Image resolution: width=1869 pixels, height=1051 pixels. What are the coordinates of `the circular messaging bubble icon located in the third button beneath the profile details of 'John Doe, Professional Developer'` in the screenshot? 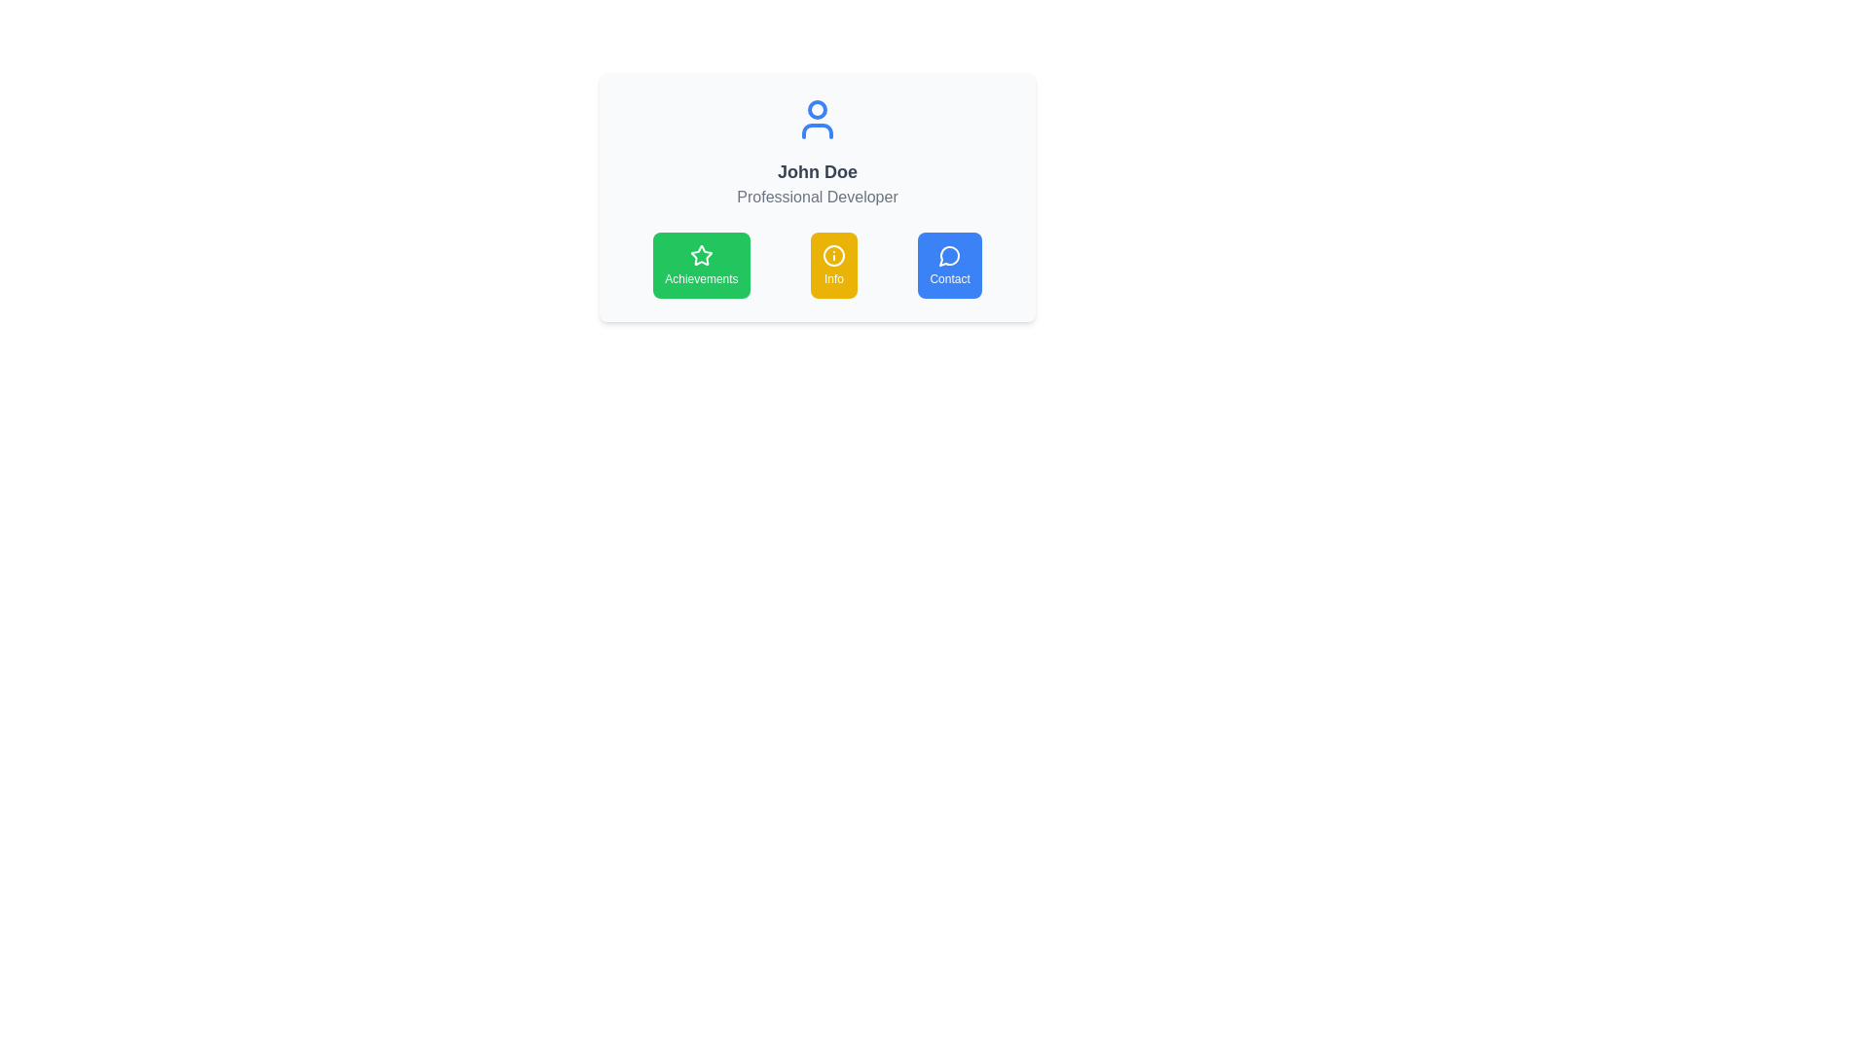 It's located at (949, 255).